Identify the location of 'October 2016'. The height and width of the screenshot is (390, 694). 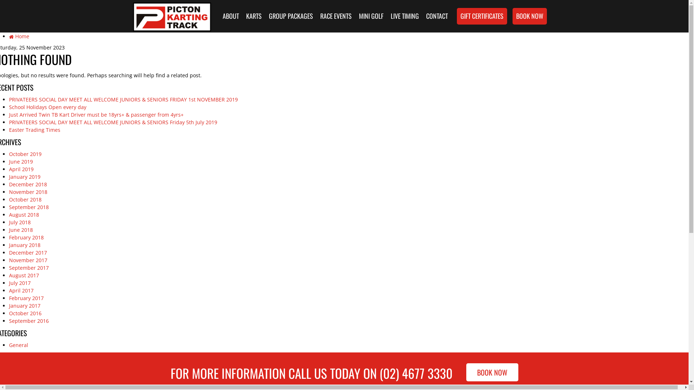
(25, 313).